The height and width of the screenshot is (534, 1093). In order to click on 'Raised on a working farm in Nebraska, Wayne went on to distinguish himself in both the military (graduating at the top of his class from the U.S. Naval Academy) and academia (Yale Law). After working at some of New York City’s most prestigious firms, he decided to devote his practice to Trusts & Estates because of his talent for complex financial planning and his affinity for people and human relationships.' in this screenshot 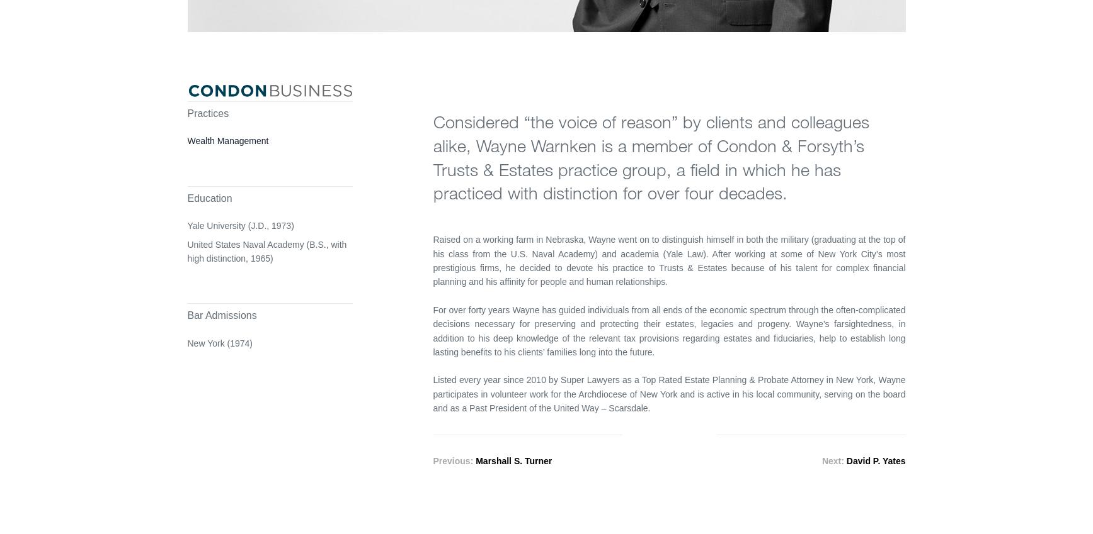, I will do `click(668, 260)`.